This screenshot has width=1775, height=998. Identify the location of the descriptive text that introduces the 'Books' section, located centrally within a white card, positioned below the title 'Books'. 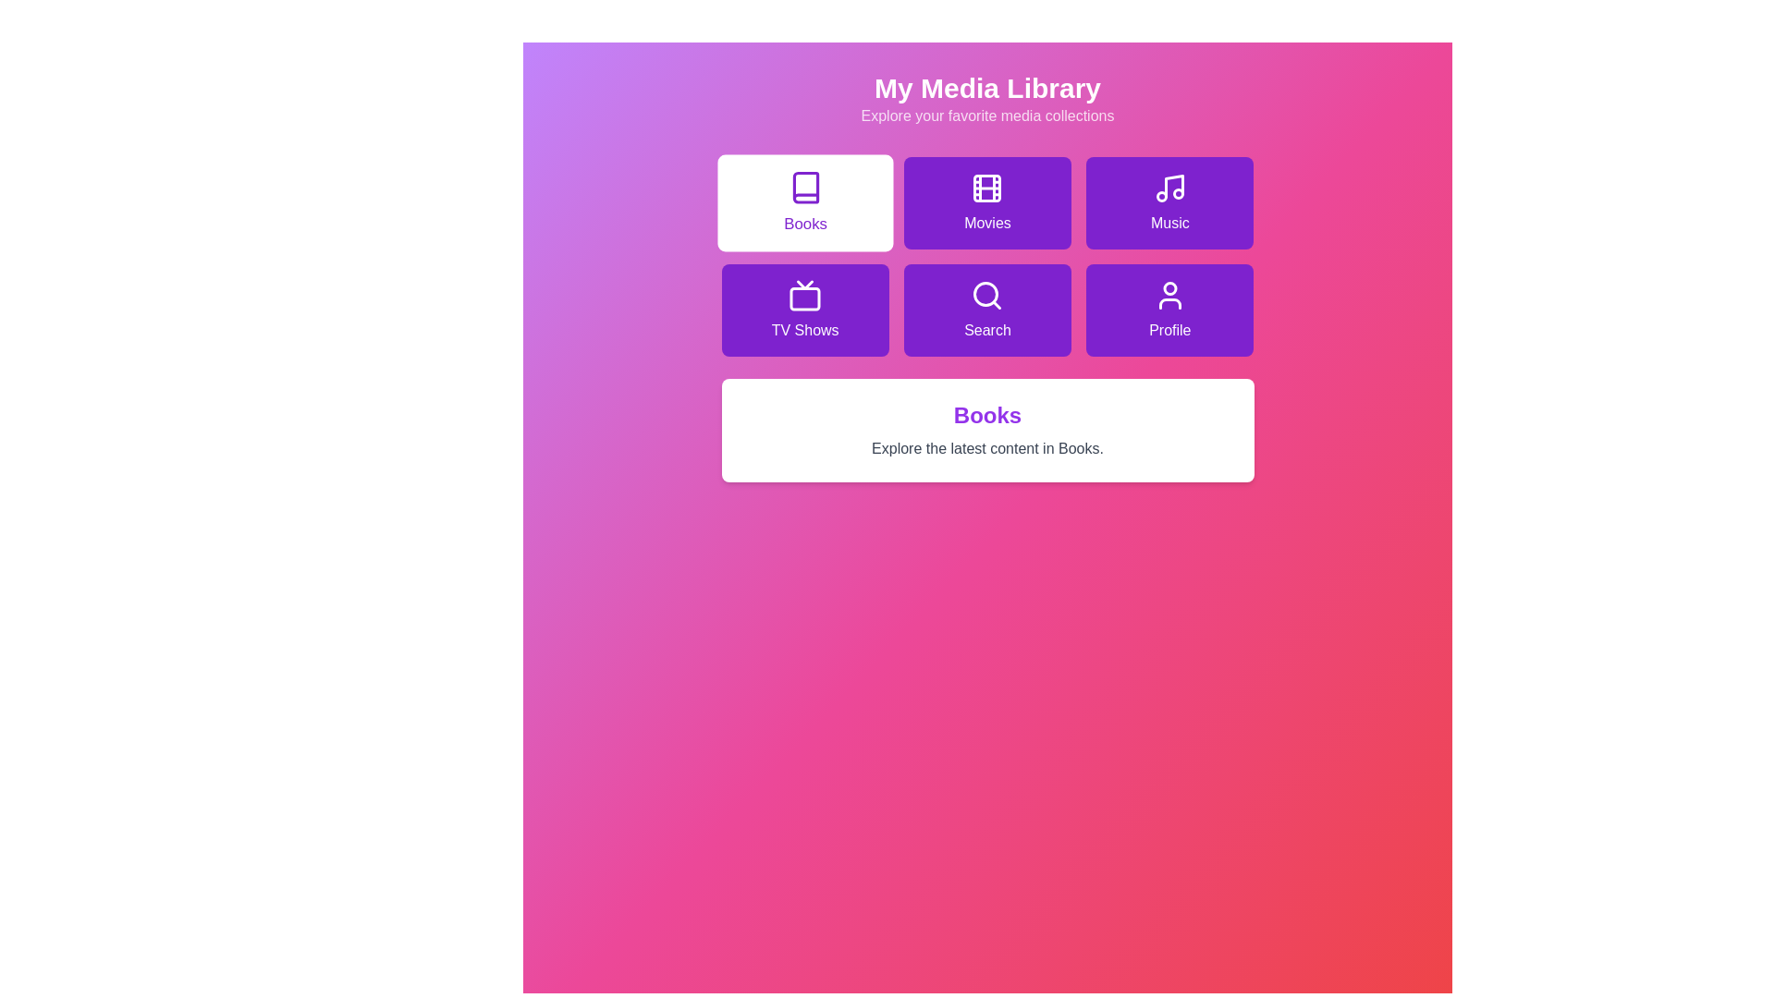
(986, 449).